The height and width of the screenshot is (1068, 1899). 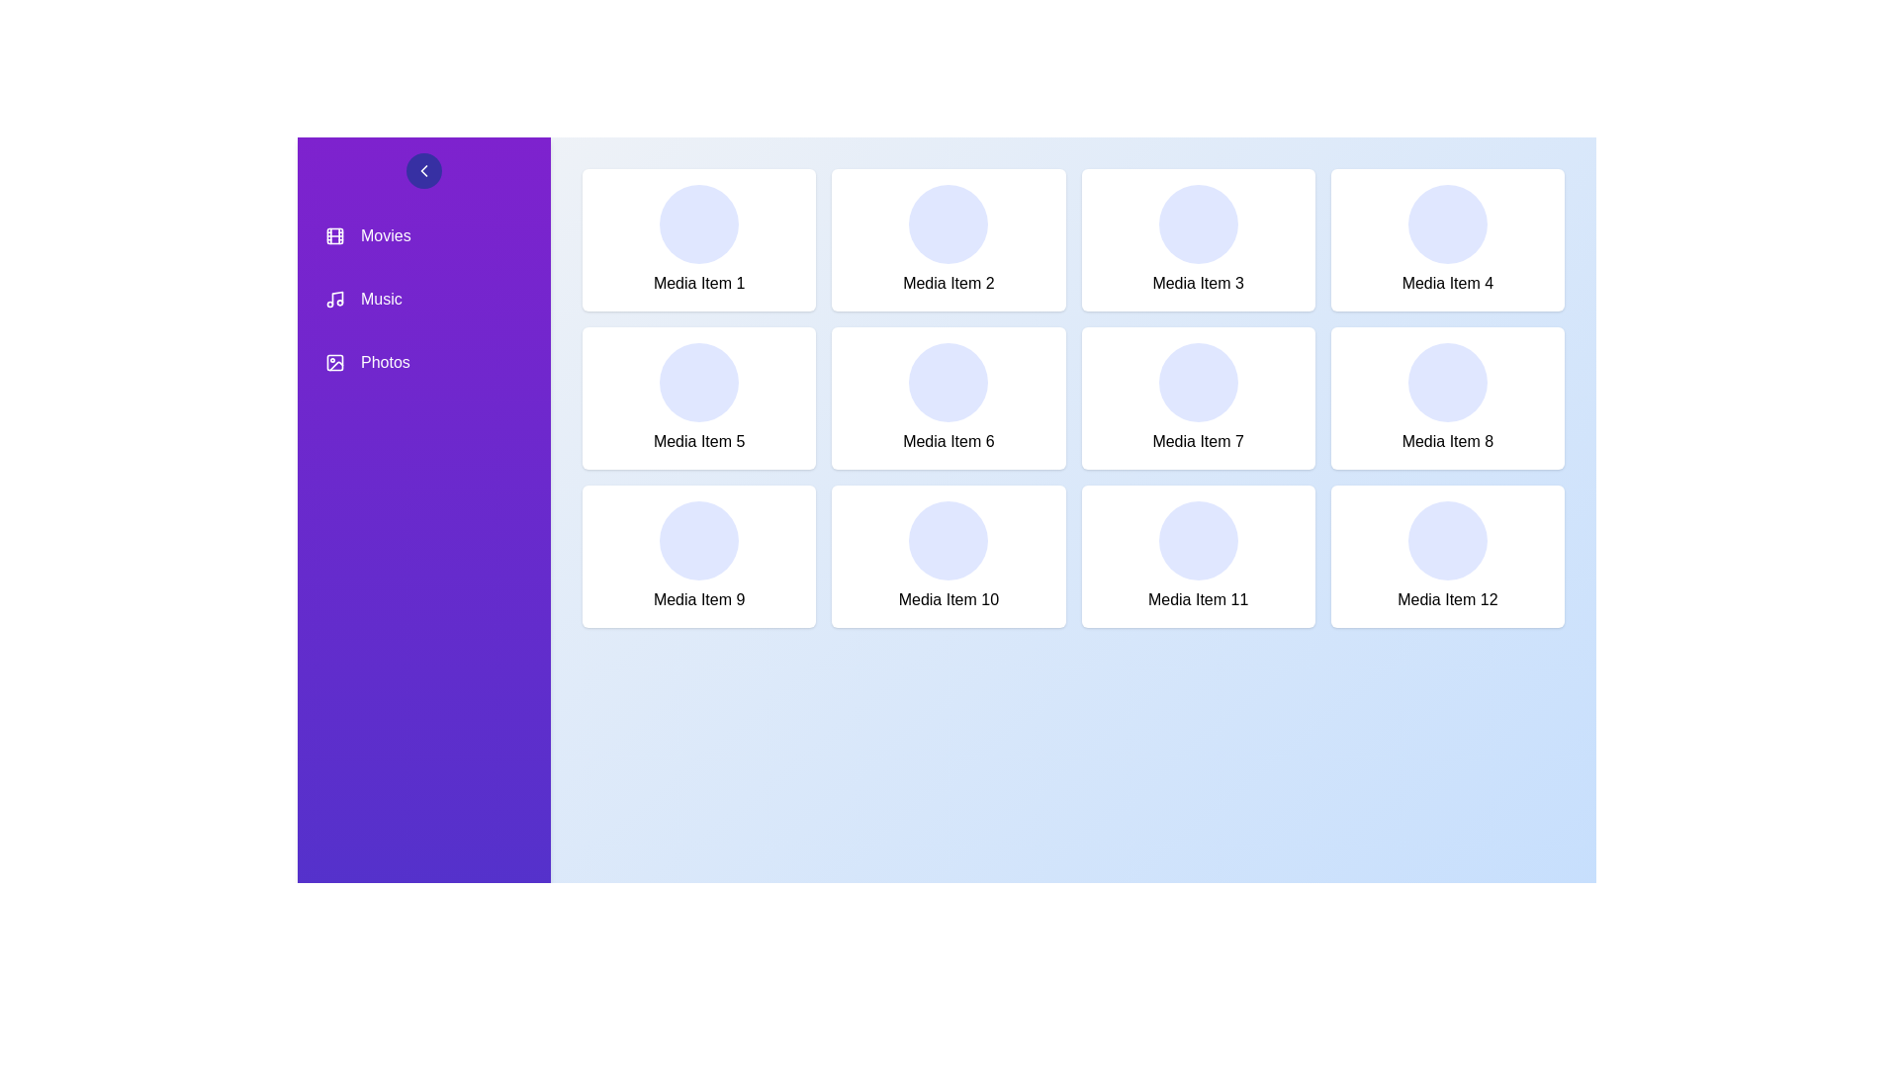 I want to click on the navigation item Movies in the sidebar, so click(x=422, y=235).